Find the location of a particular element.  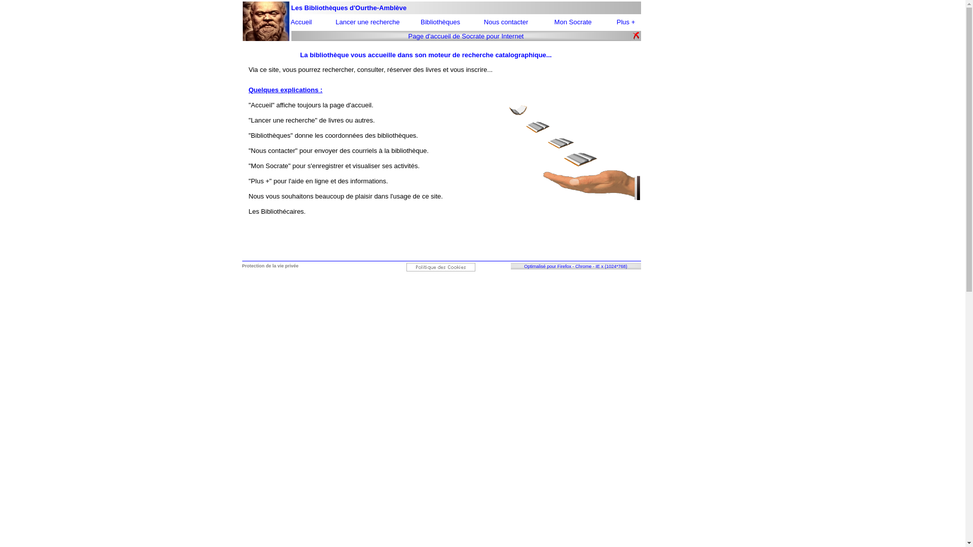

'Plus +' is located at coordinates (625, 22).